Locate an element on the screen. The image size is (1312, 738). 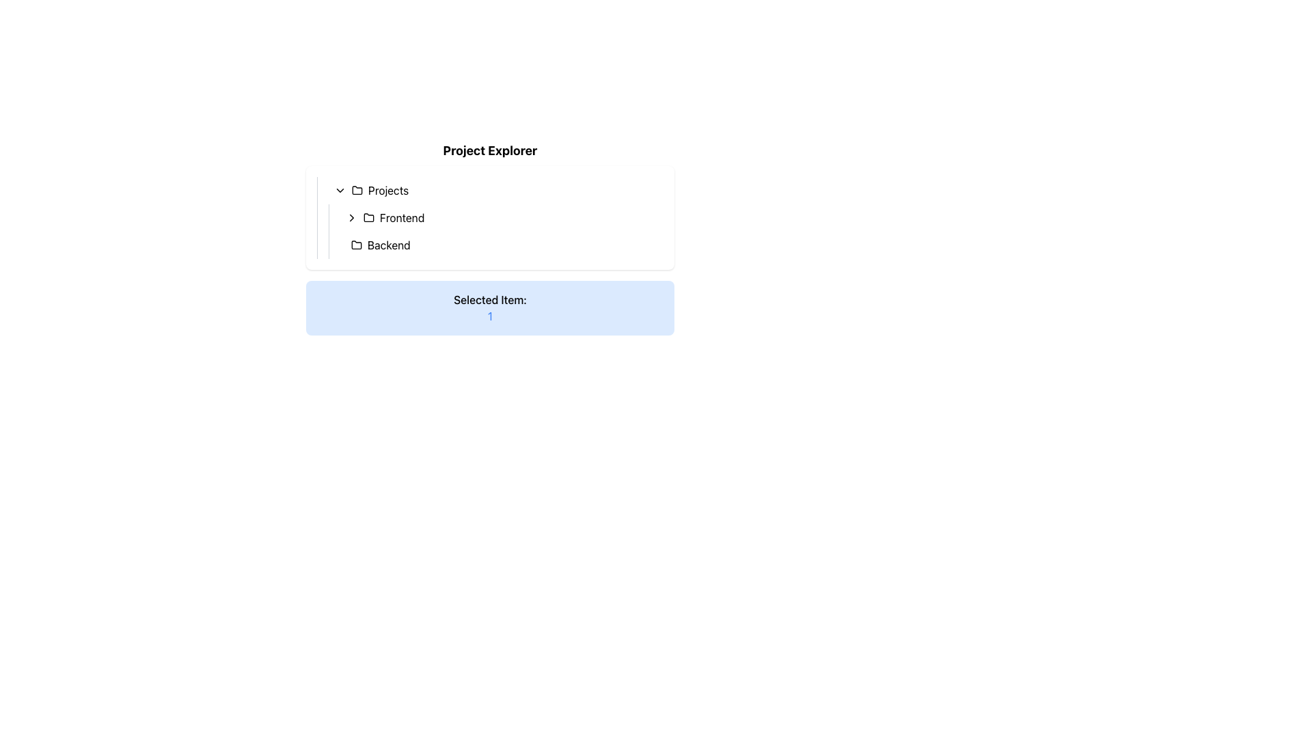
rightward arrow SVG icon associated with the 'Frontend' sub-item under the 'Projects' expandable list for additional properties is located at coordinates (351, 217).